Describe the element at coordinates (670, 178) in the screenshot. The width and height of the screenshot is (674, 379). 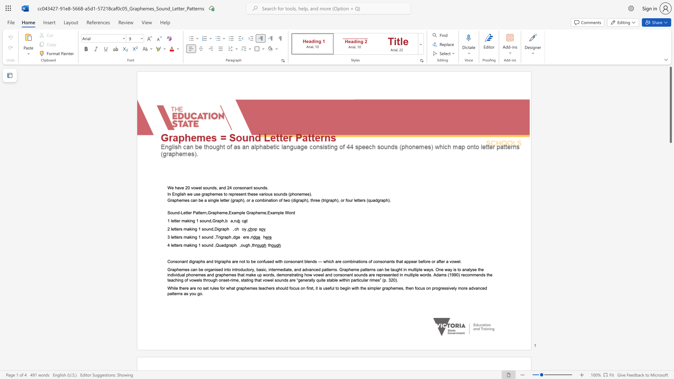
I see `the scrollbar on the side` at that location.